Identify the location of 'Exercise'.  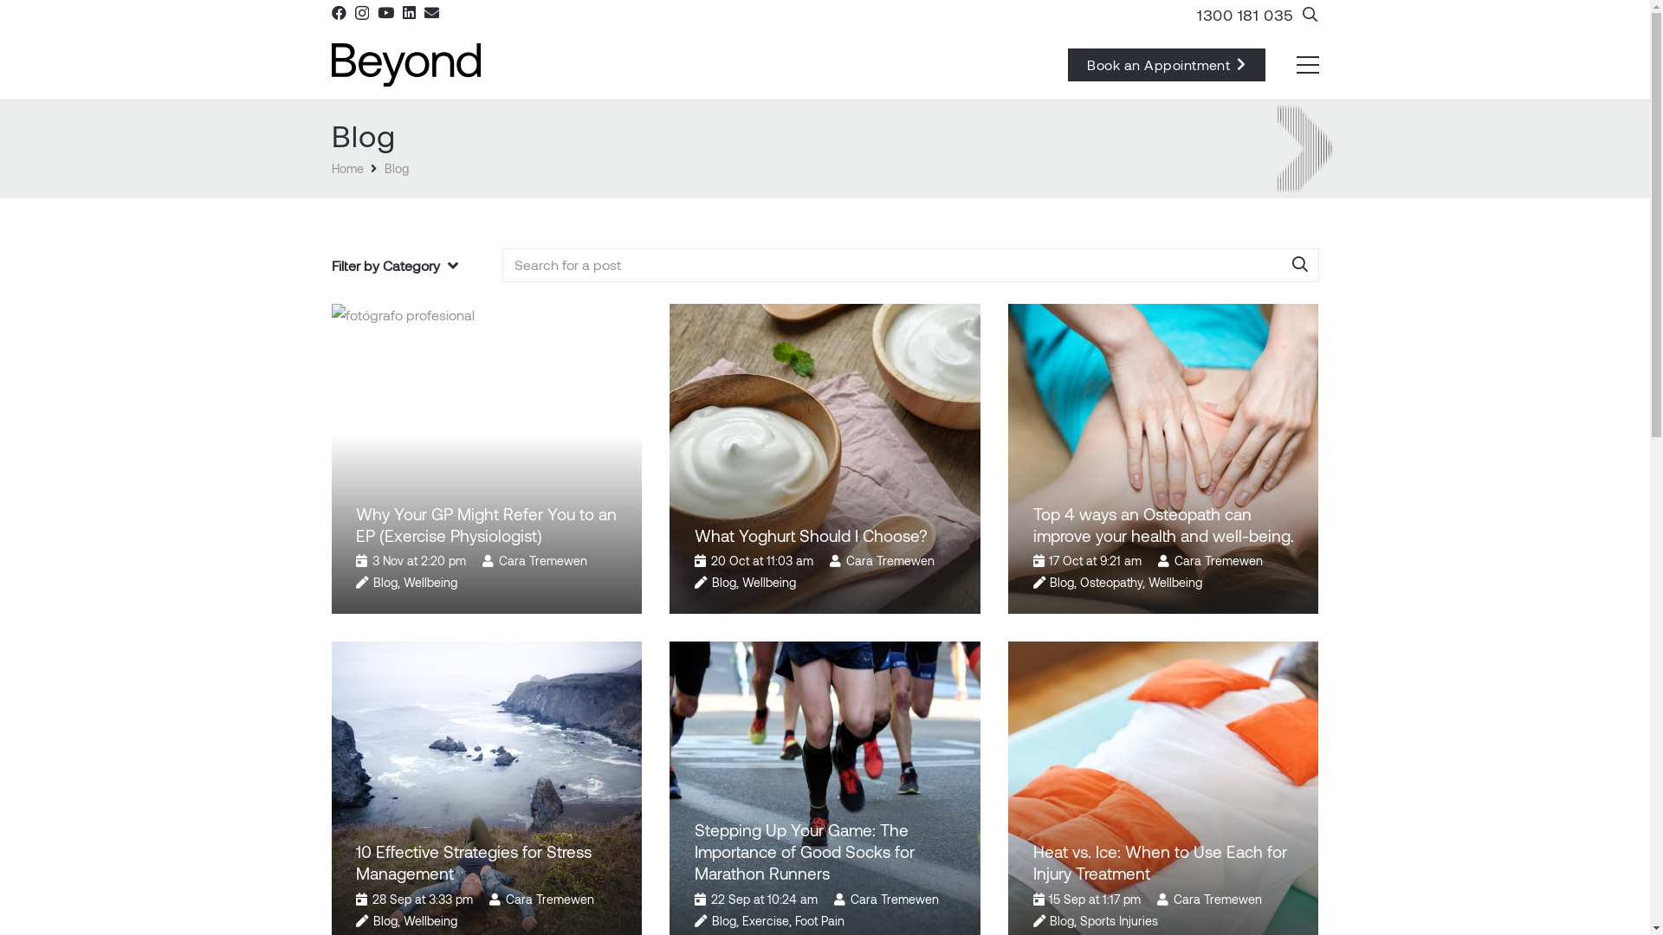
(742, 919).